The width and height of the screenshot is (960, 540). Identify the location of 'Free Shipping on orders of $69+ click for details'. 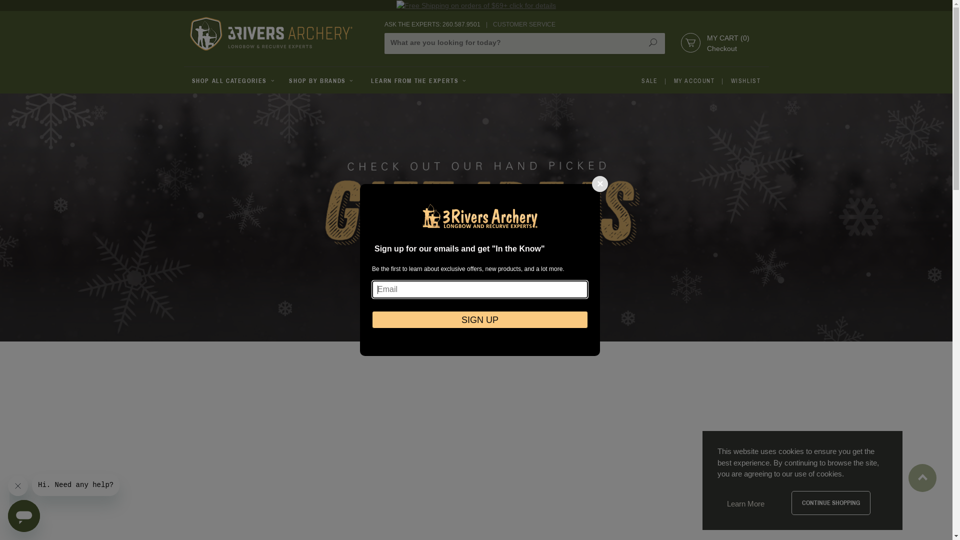
(475, 5).